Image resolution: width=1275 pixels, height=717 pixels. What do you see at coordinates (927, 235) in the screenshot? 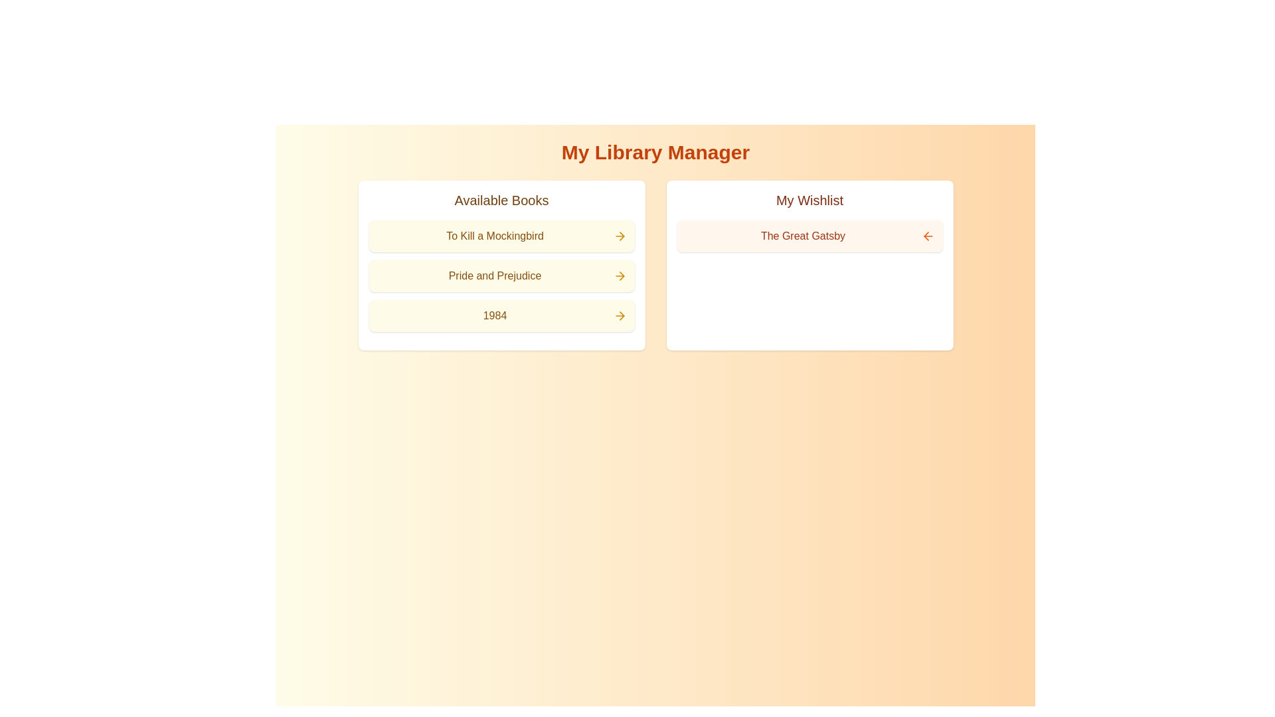
I see `left arrow button next to the book 'The Great Gatsby' in the 'My Wishlist' section` at bounding box center [927, 235].